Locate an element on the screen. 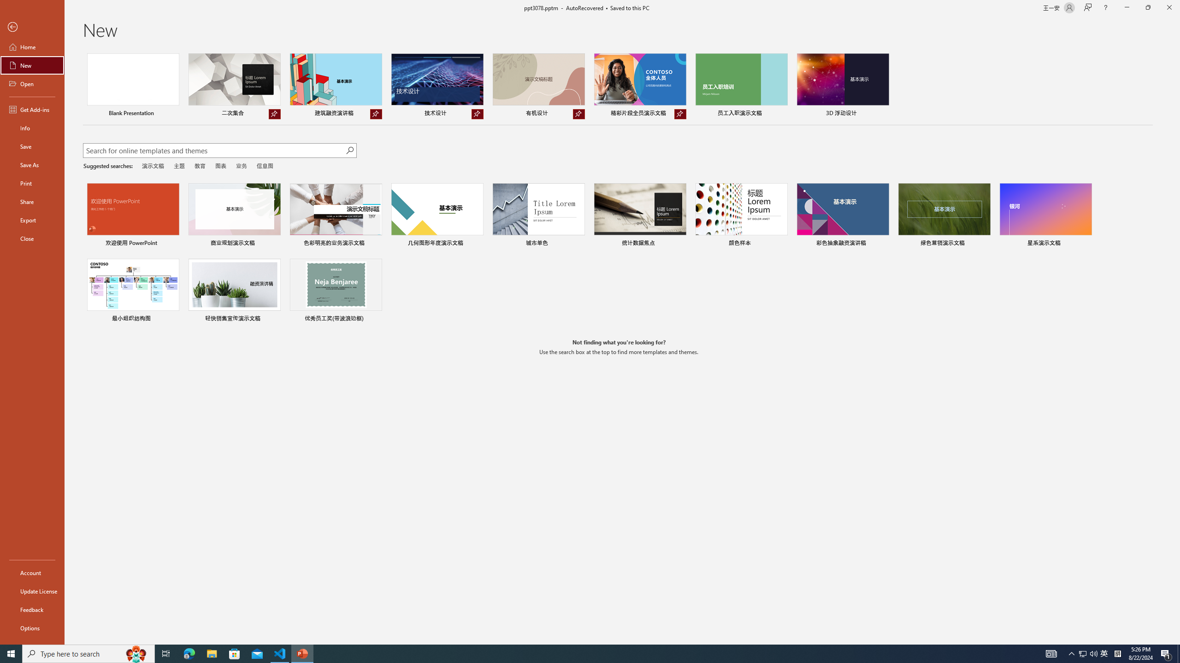  'Blank Presentation' is located at coordinates (133, 86).